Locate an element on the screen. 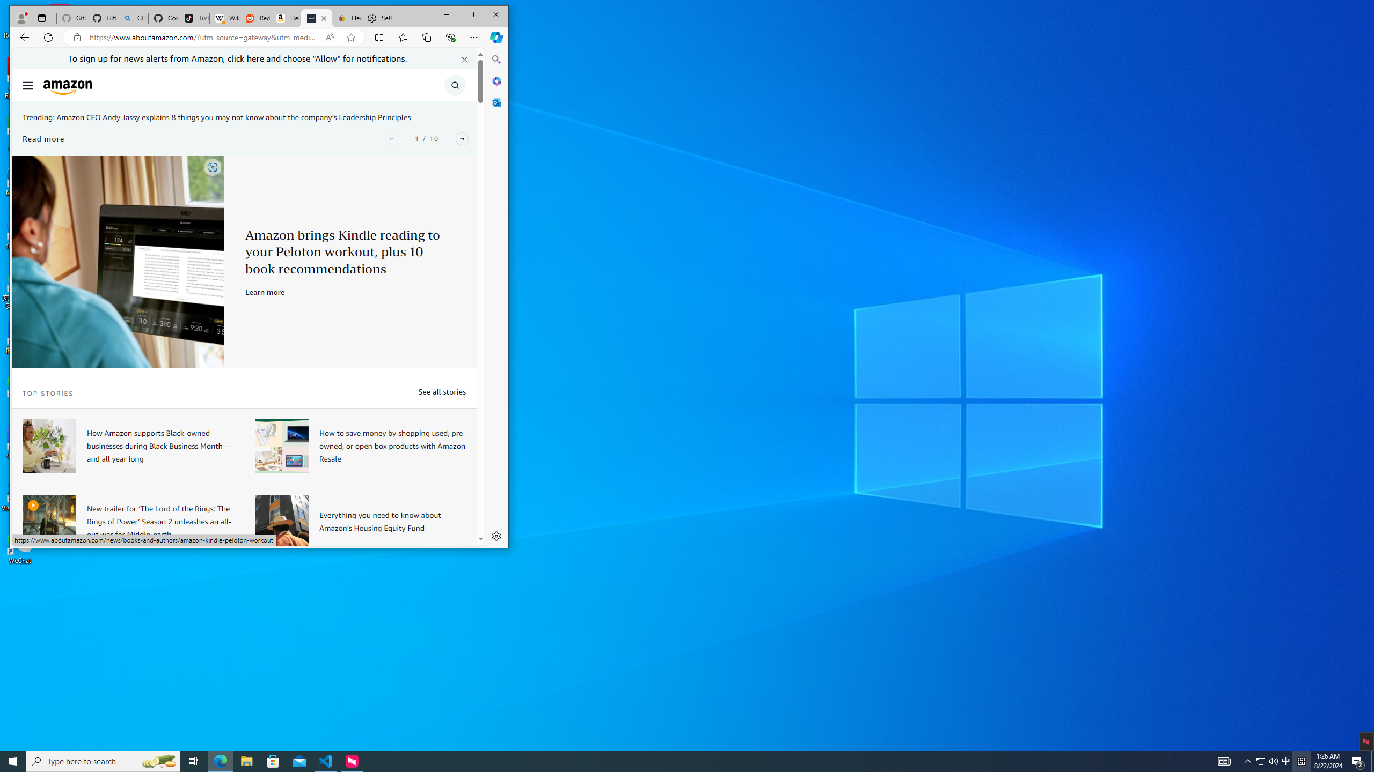  'AutomationID: 4105' is located at coordinates (1223, 760).